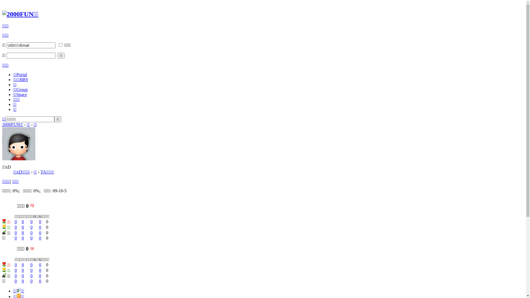 This screenshot has width=530, height=298. I want to click on '0', so click(39, 281).